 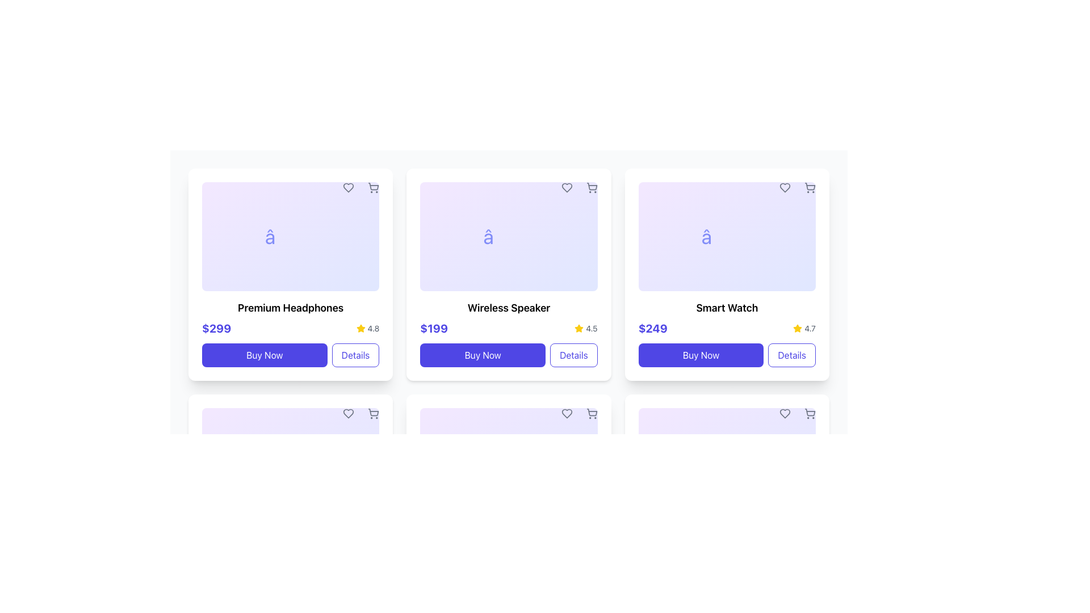 What do you see at coordinates (784, 414) in the screenshot?
I see `the heart icon button located in the top-right corner of the 'Smart Watch' card to mark the item as favorite` at bounding box center [784, 414].